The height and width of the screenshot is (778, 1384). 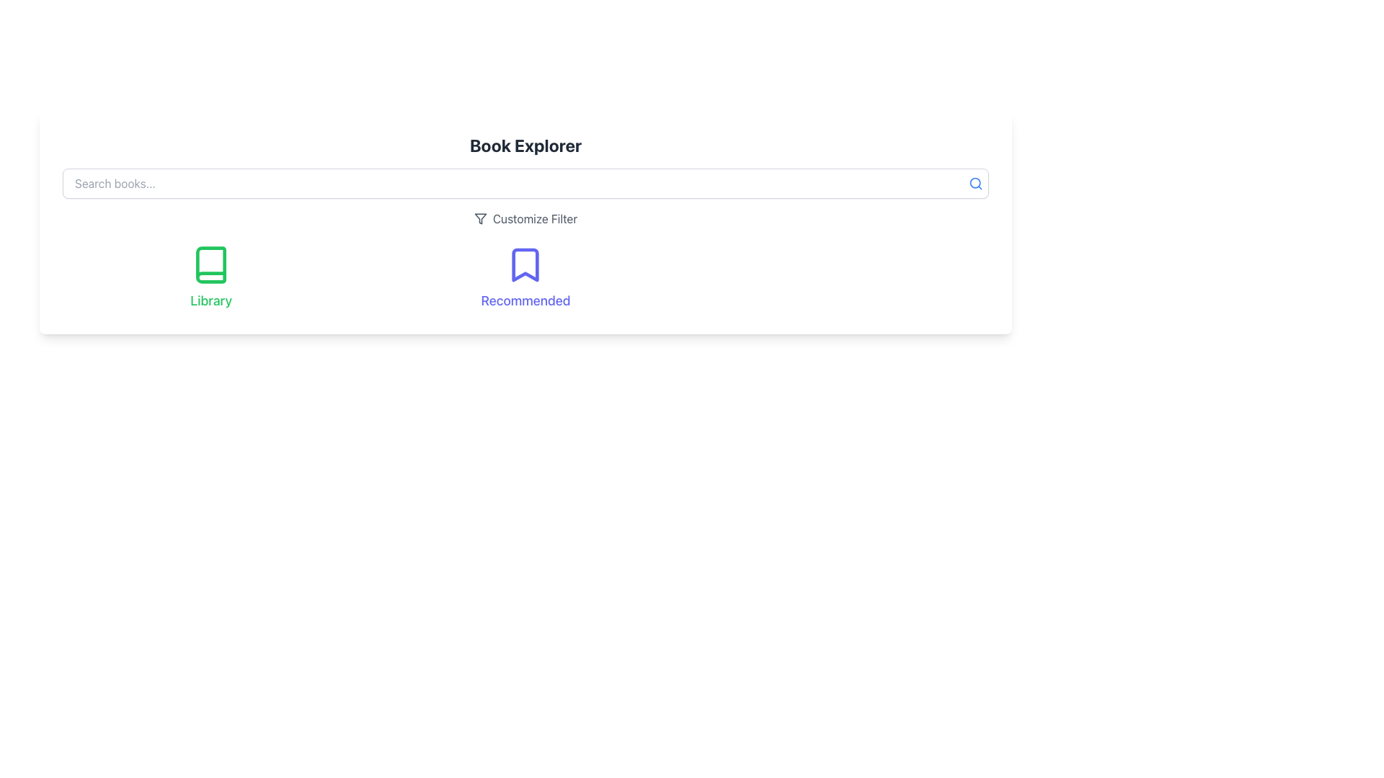 I want to click on the green book icon in the Library section, so click(x=210, y=264).